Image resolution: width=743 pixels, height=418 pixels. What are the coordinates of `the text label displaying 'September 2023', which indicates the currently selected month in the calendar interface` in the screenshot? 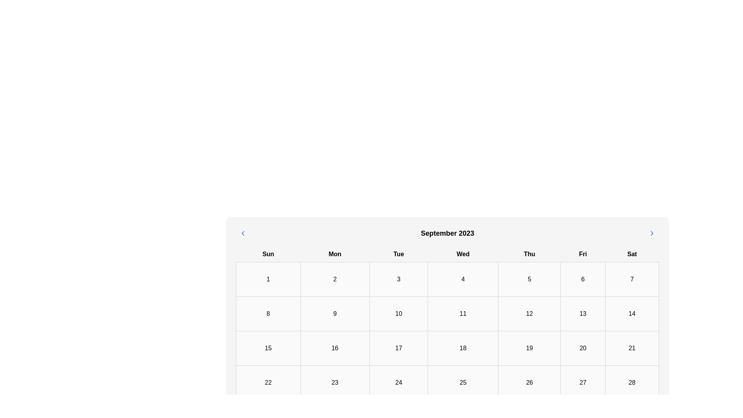 It's located at (447, 233).